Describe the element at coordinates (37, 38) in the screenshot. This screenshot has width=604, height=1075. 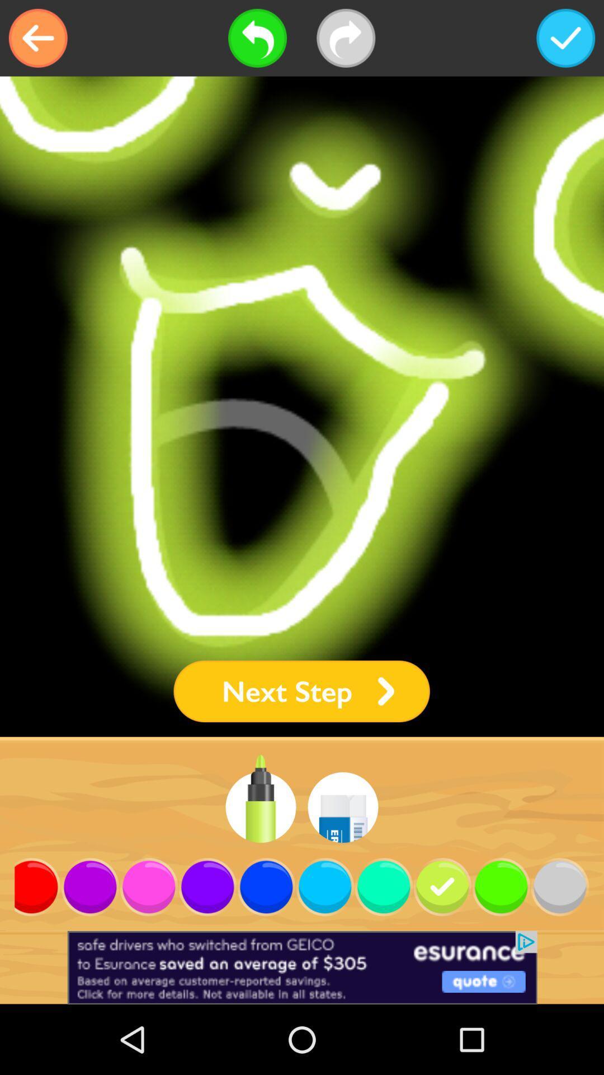
I see `the arrow_backward icon` at that location.